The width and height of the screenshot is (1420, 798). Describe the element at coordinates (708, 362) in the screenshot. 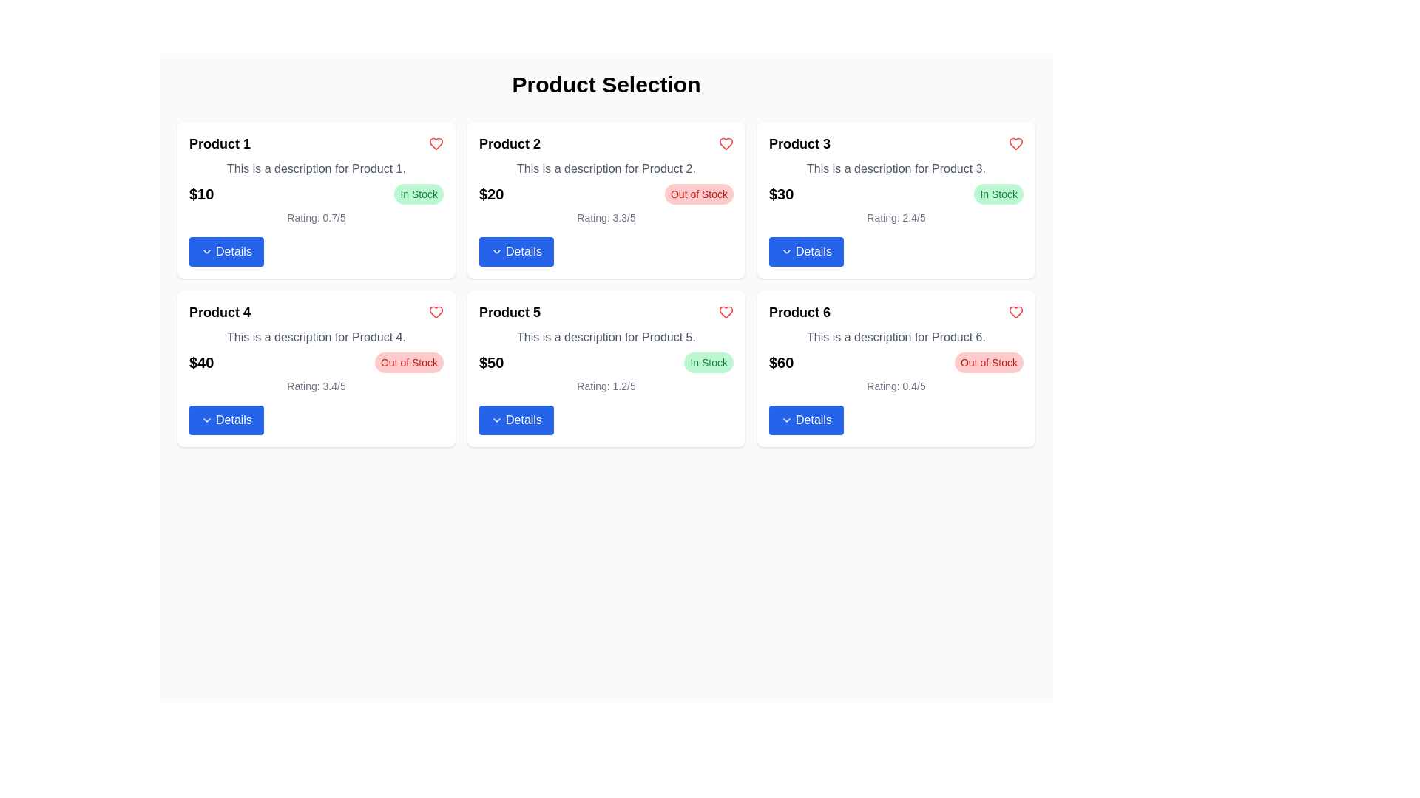

I see `the 'In Stock' label located at the top-right corner of Product 5's card, adjacent to the price '$50'` at that location.